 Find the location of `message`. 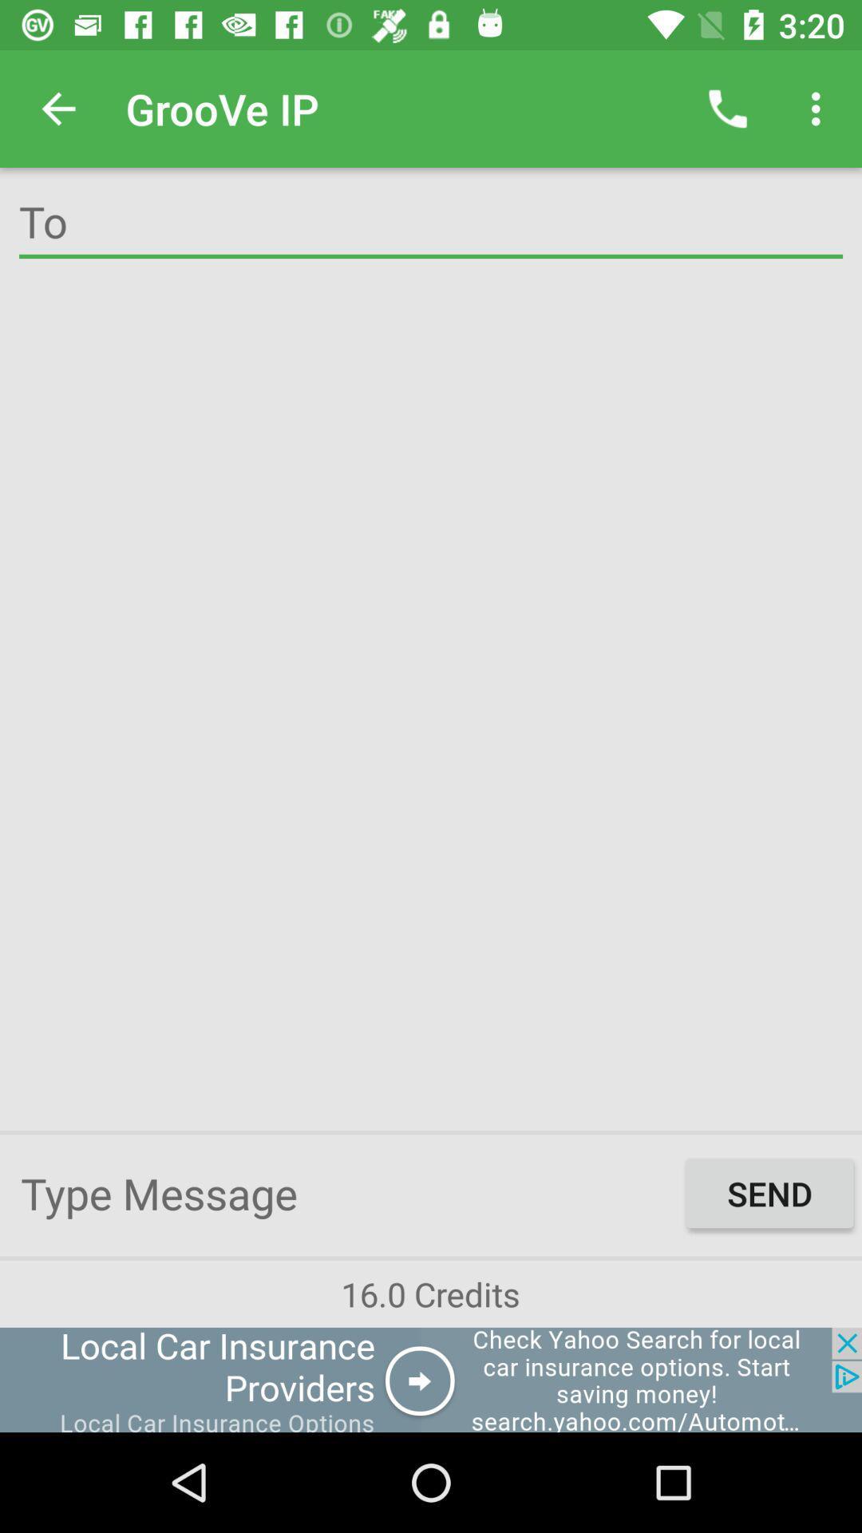

message is located at coordinates (348, 1193).